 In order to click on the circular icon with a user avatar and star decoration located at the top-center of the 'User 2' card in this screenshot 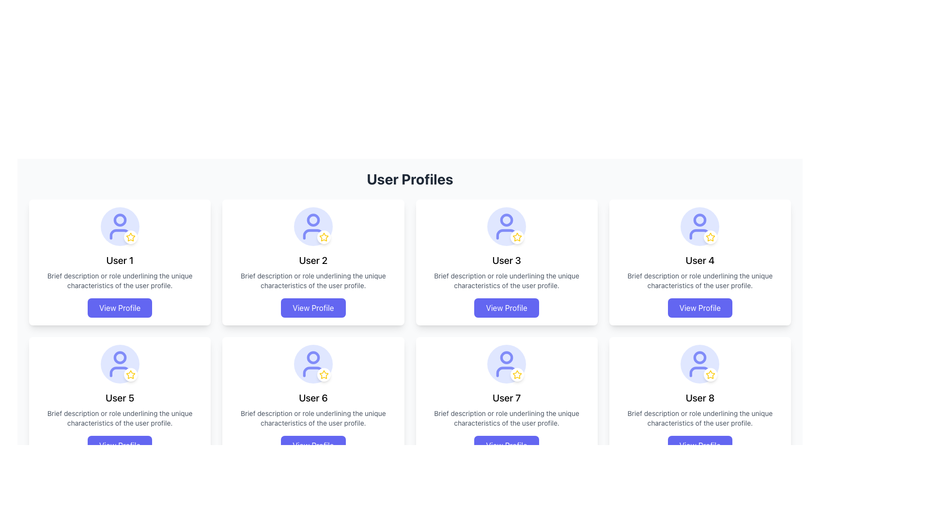, I will do `click(313, 226)`.